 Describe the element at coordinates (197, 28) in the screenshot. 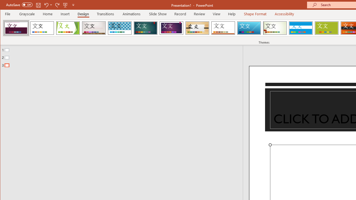

I see `'Organic'` at that location.